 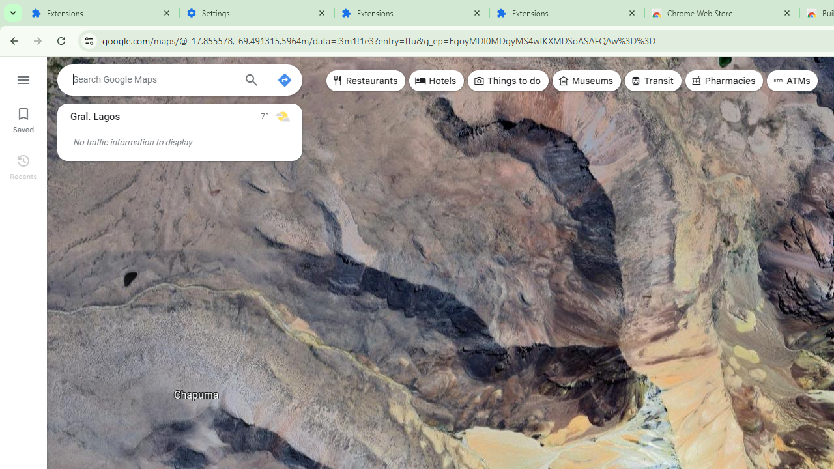 What do you see at coordinates (23, 78) in the screenshot?
I see `'Menu'` at bounding box center [23, 78].